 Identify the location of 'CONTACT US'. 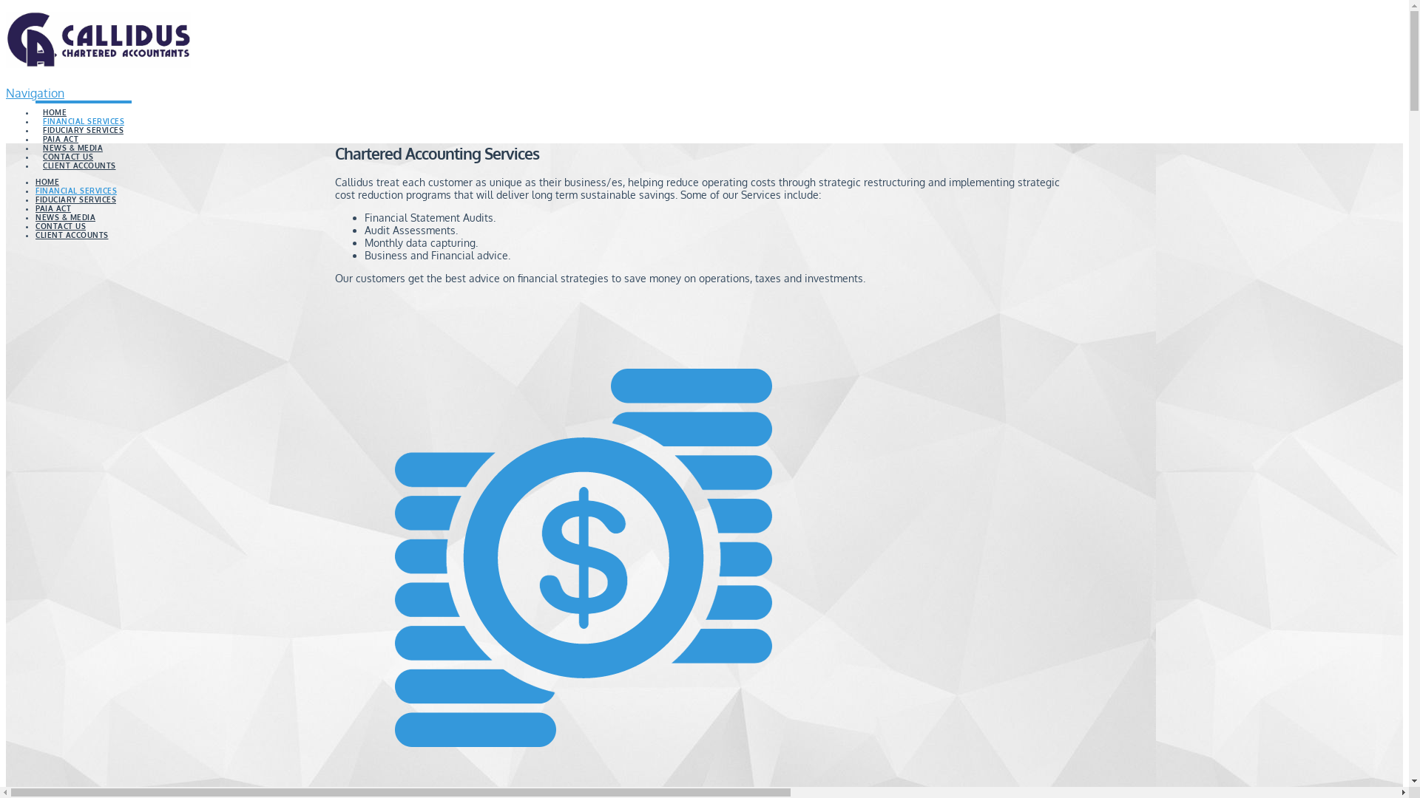
(35, 225).